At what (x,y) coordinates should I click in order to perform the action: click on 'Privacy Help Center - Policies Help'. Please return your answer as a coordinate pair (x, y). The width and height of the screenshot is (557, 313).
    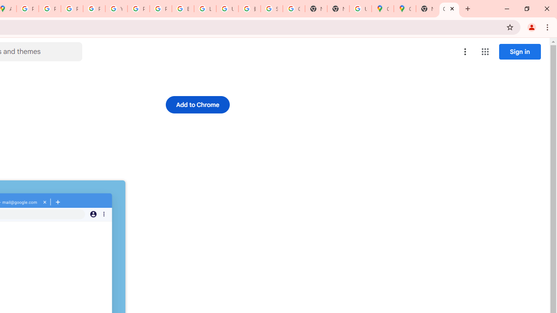
    Looking at the image, I should click on (49, 9).